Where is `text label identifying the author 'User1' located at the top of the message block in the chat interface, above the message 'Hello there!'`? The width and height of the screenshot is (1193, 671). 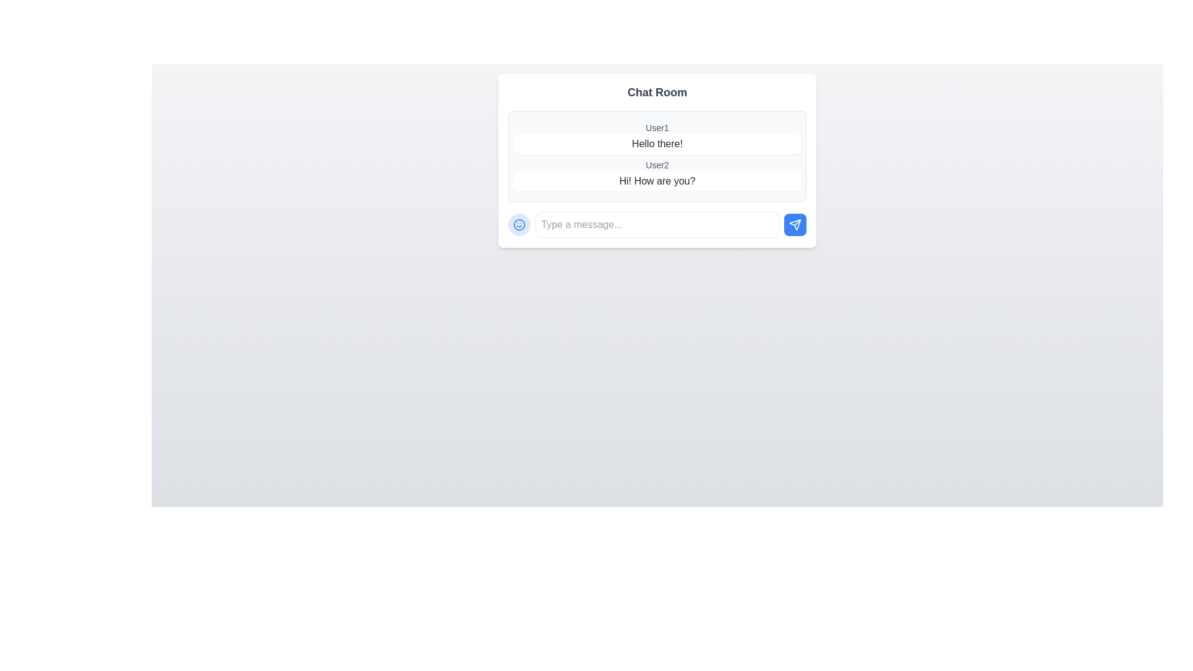
text label identifying the author 'User1' located at the top of the message block in the chat interface, above the message 'Hello there!' is located at coordinates (656, 127).